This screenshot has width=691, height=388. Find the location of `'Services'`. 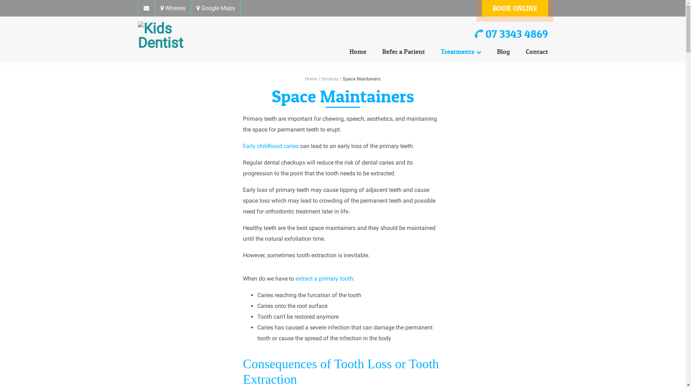

'Services' is located at coordinates (329, 79).